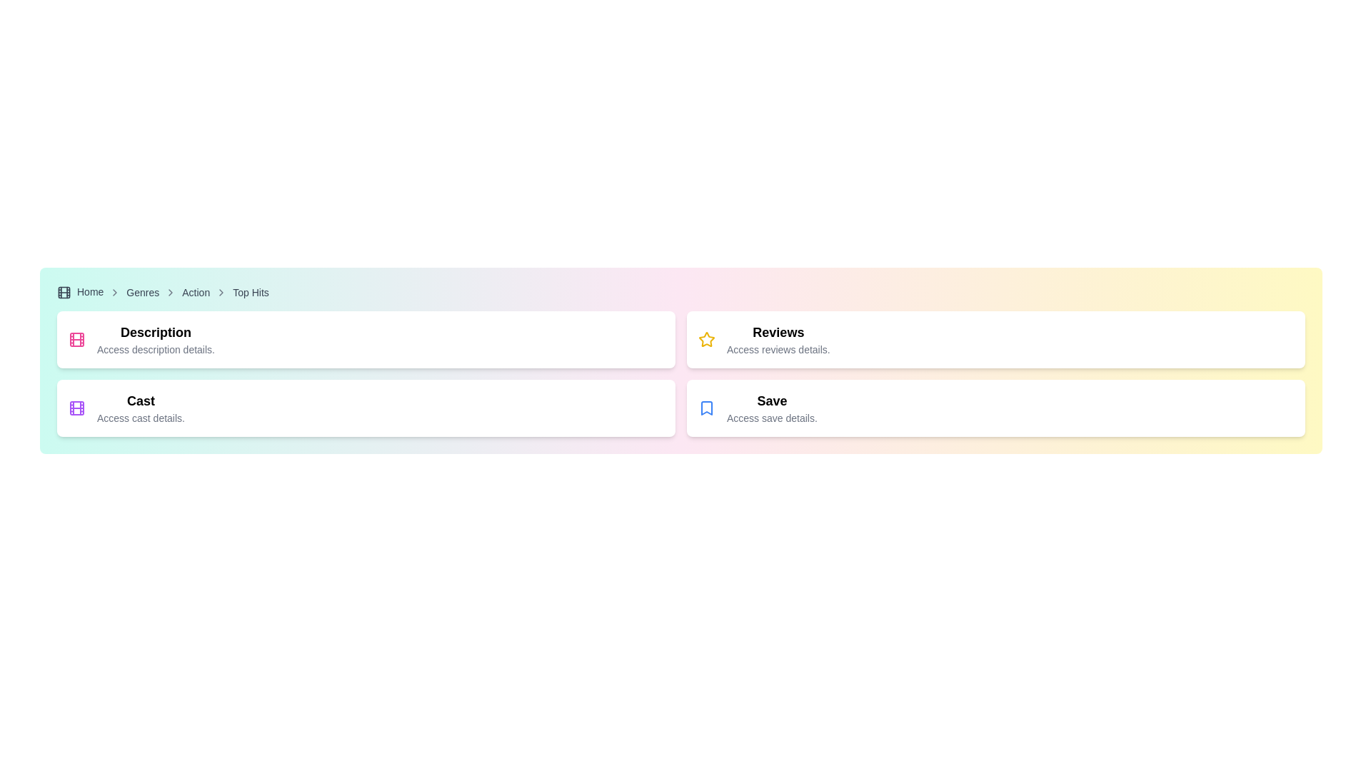 This screenshot has height=771, width=1371. I want to click on the fourth chevron icon in the breadcrumb navigation, which is positioned between the 'Genres' link and the 'Action' link, characterized by its neutral gray stroke style and no background, so click(171, 291).